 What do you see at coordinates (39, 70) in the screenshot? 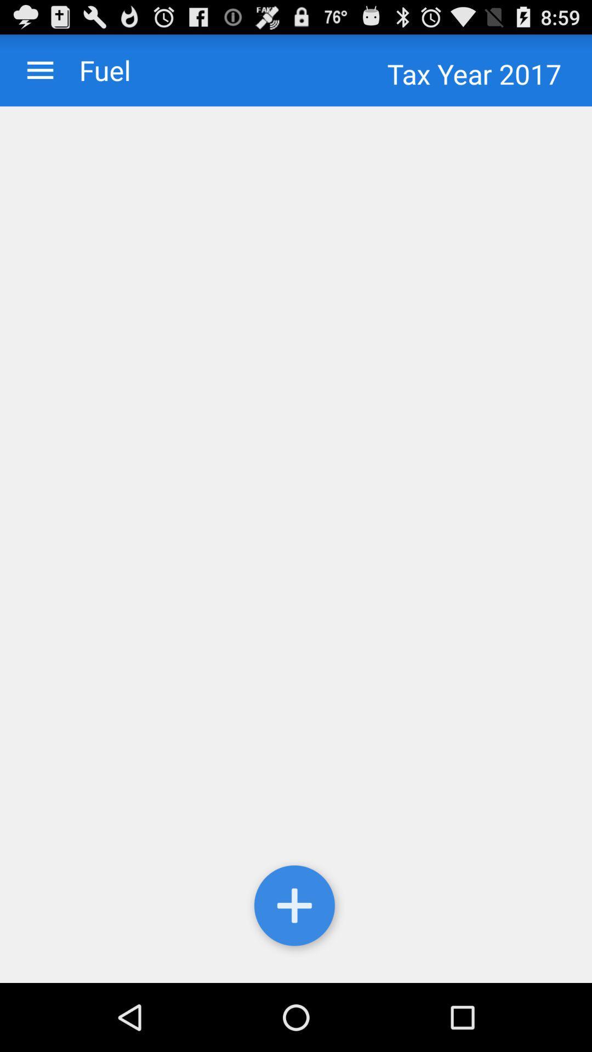
I see `open side men` at bounding box center [39, 70].